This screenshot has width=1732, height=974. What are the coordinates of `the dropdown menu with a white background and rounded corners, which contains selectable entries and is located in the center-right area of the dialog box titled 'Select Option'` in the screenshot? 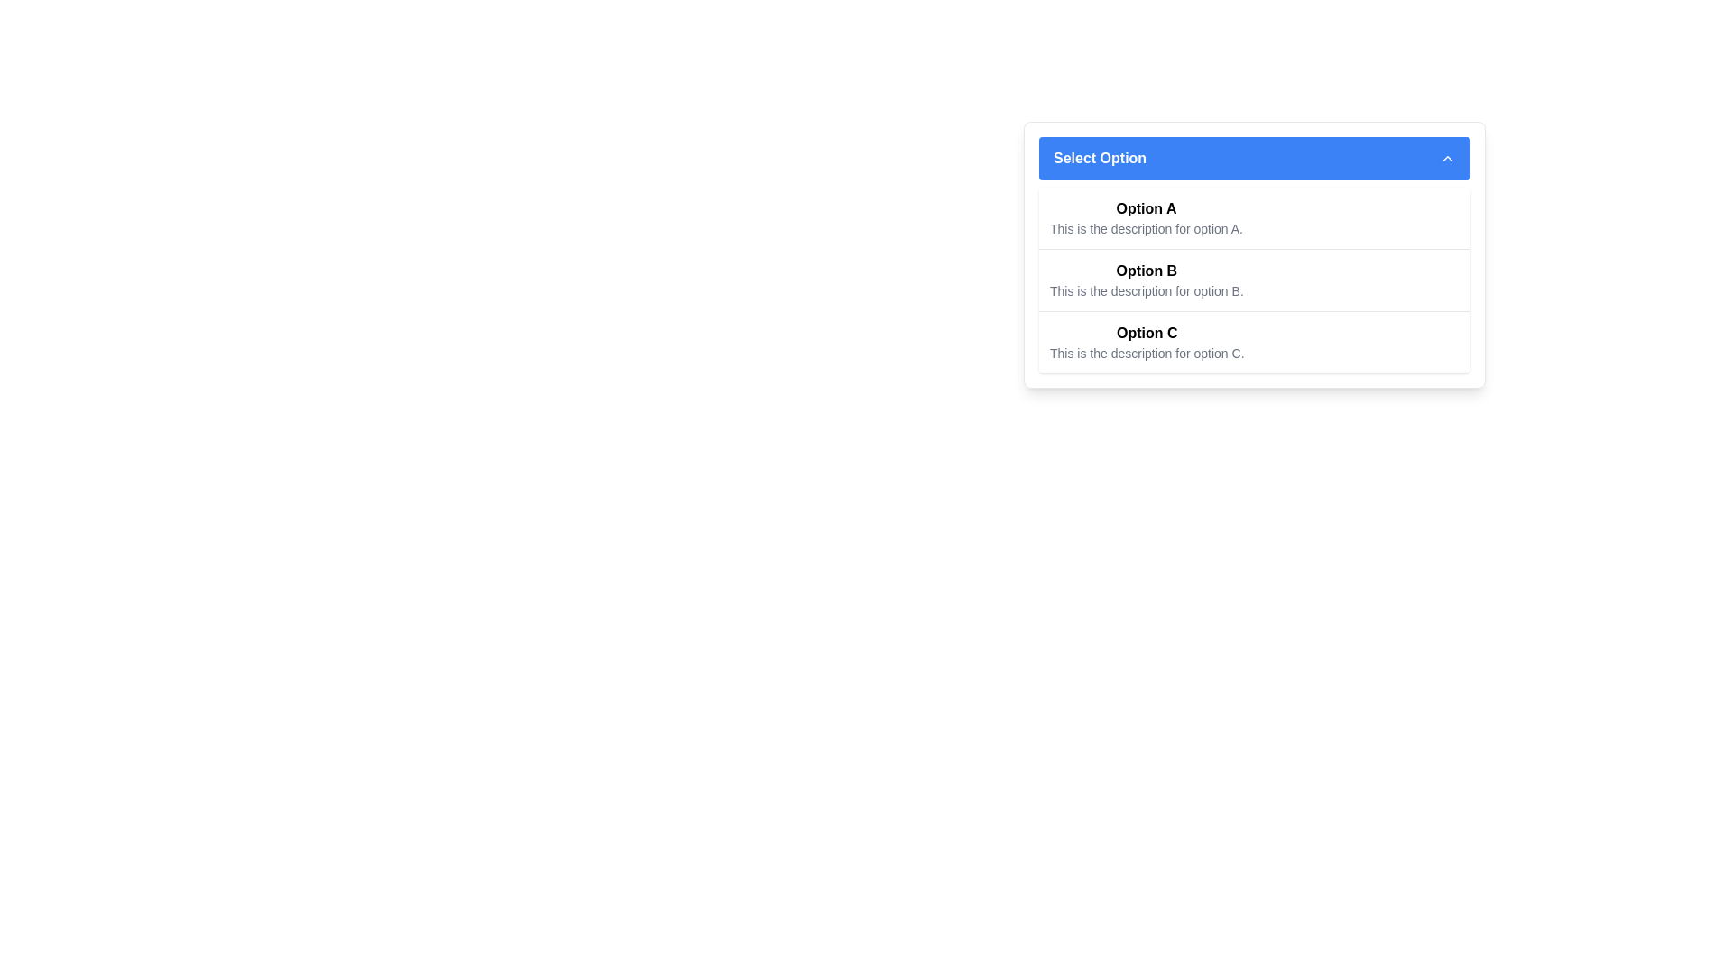 It's located at (1254, 280).